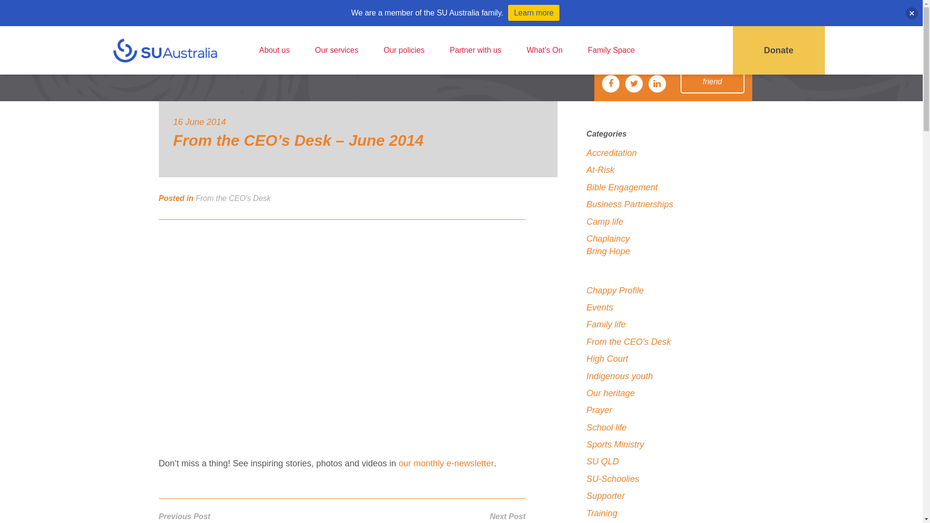 Image resolution: width=930 pixels, height=523 pixels. I want to click on 'Supporter', so click(586, 495).